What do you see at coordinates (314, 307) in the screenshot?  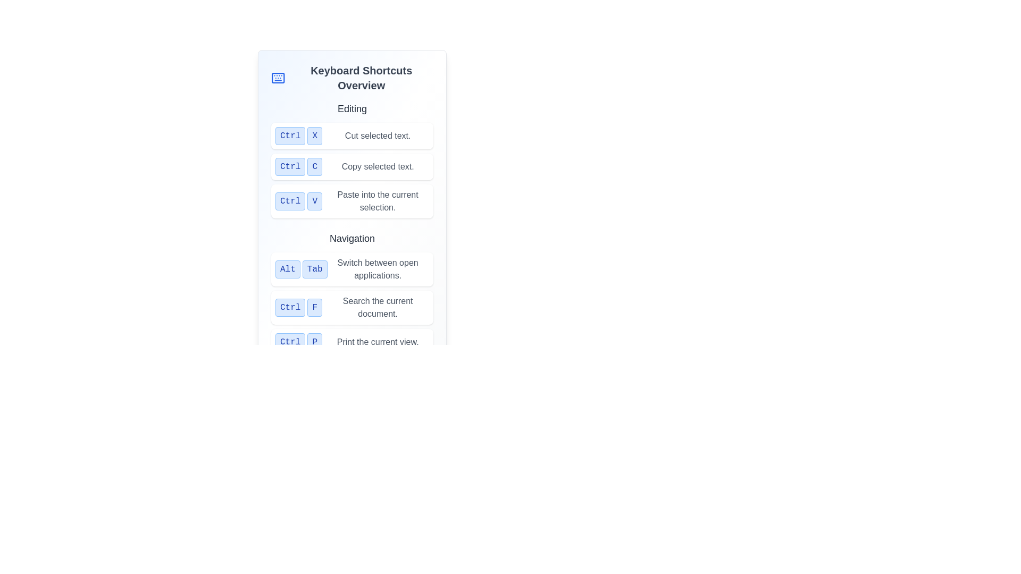 I see `the button-like UI element labeled 'F', which is part of the keyboard shortcut representation in the Navigation section, located to the right of the 'Search the current document.' description` at bounding box center [314, 307].